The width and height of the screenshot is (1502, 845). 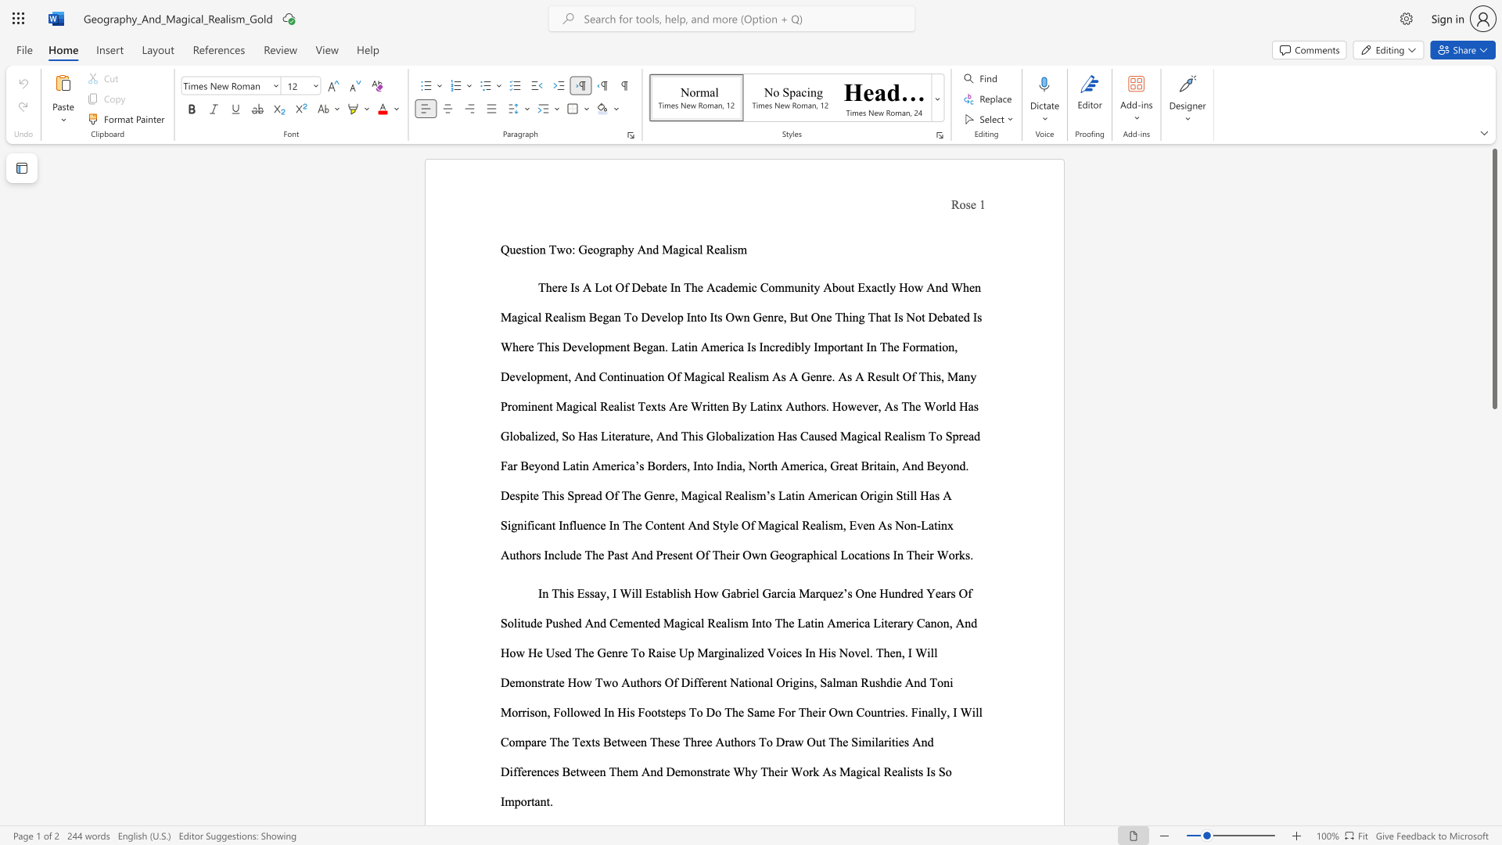 What do you see at coordinates (1493, 461) in the screenshot?
I see `the scrollbar to slide the page down` at bounding box center [1493, 461].